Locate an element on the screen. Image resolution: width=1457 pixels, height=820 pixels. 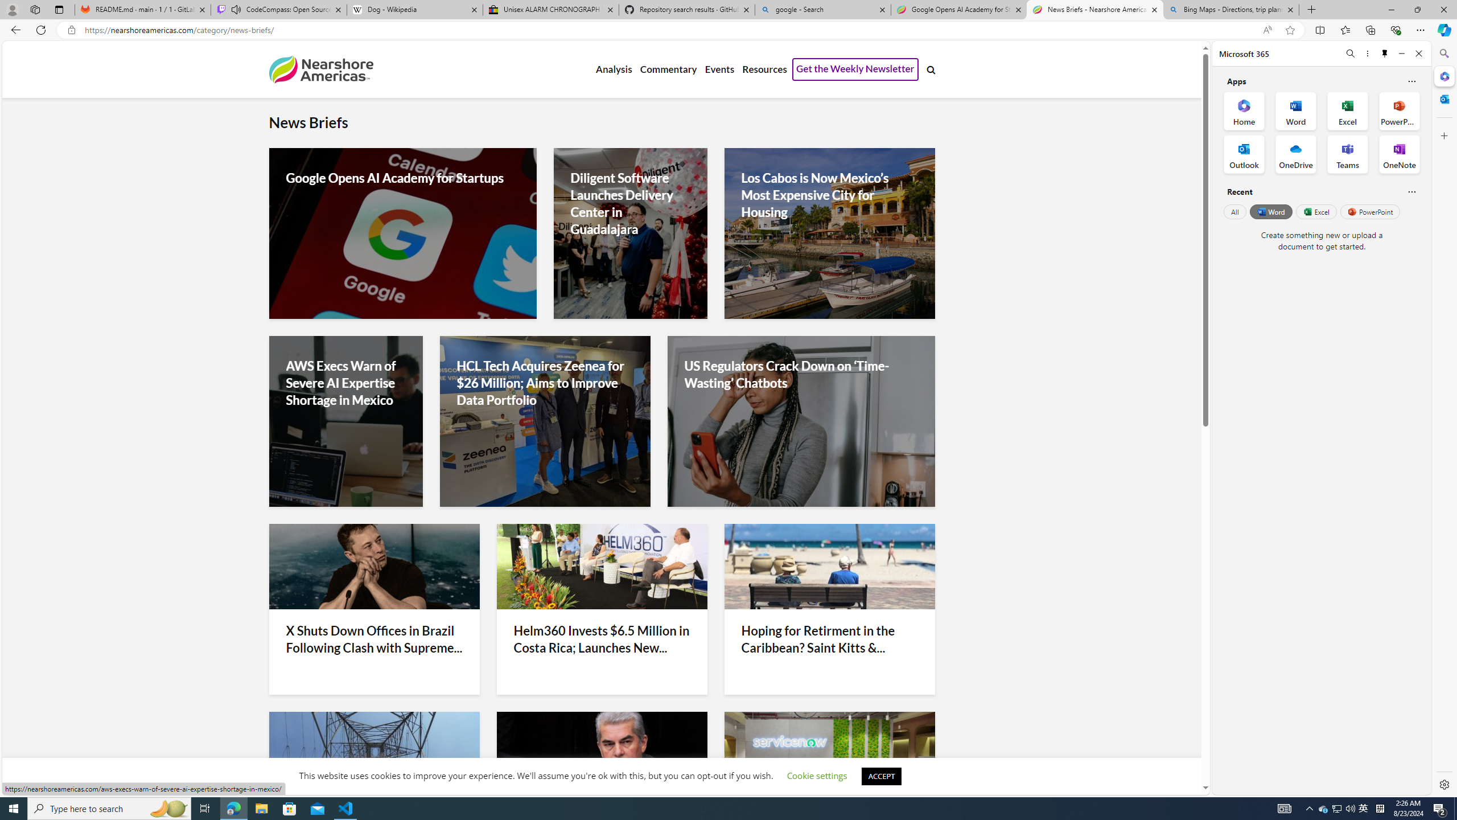
'Get the Weekly Newsletter' is located at coordinates (854, 69).